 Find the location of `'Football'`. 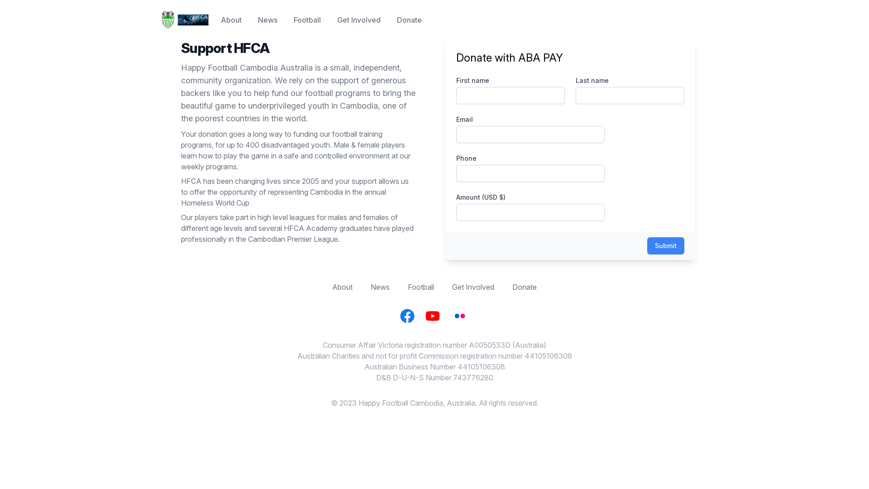

'Football' is located at coordinates (407, 287).